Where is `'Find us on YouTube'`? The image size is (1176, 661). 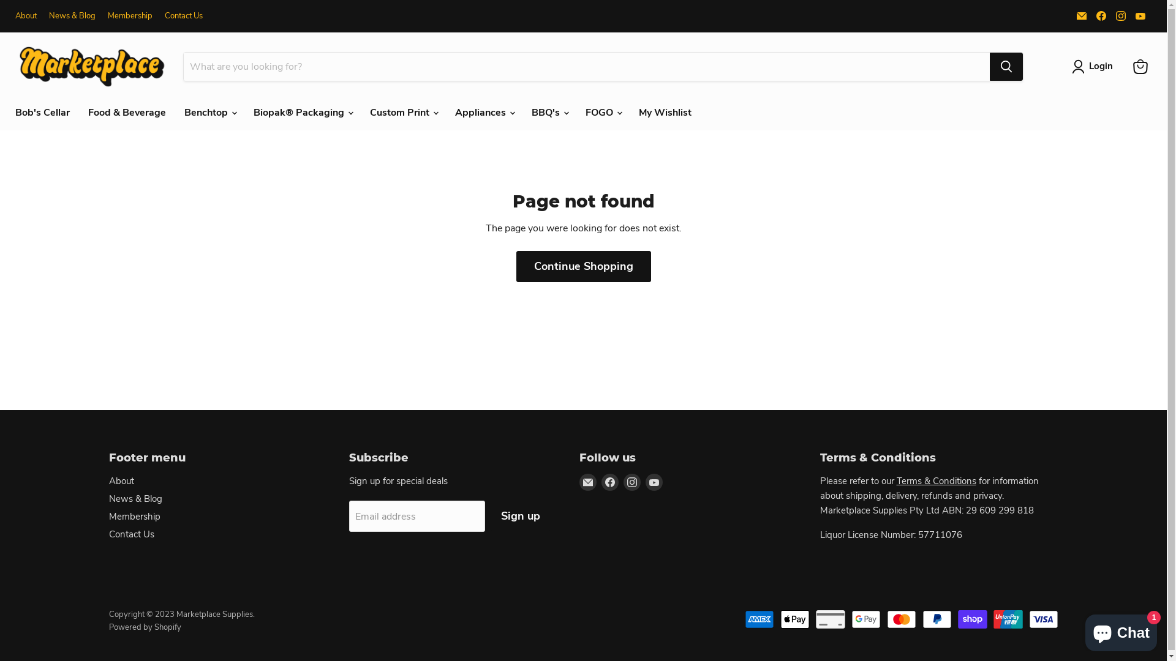
'Find us on YouTube' is located at coordinates (1140, 16).